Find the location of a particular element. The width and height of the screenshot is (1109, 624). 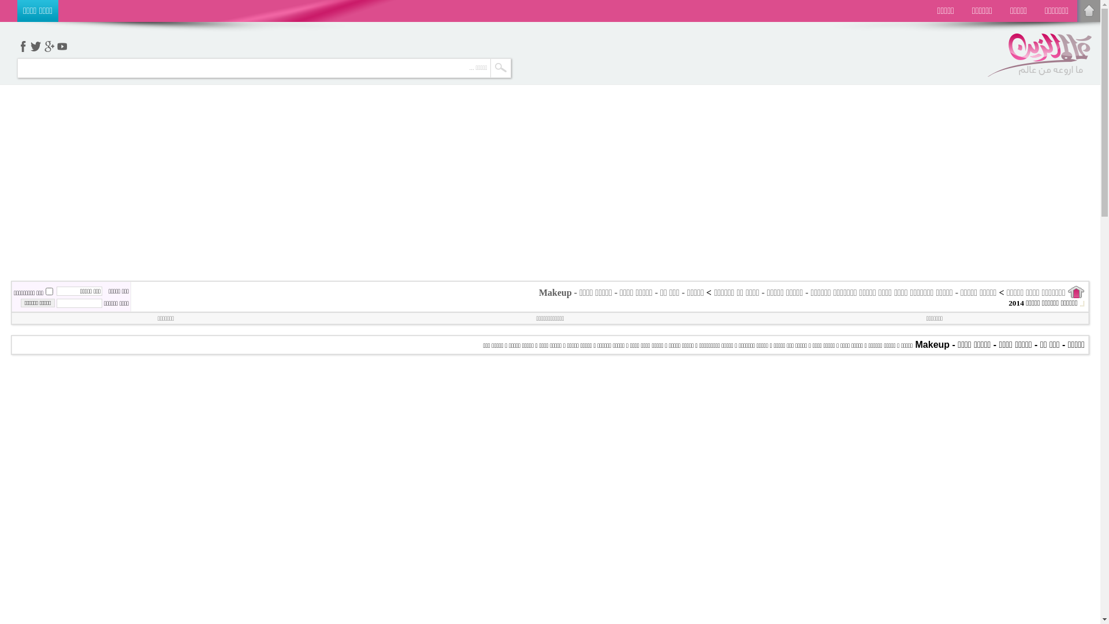

'Advertisement' is located at coordinates (550, 99).